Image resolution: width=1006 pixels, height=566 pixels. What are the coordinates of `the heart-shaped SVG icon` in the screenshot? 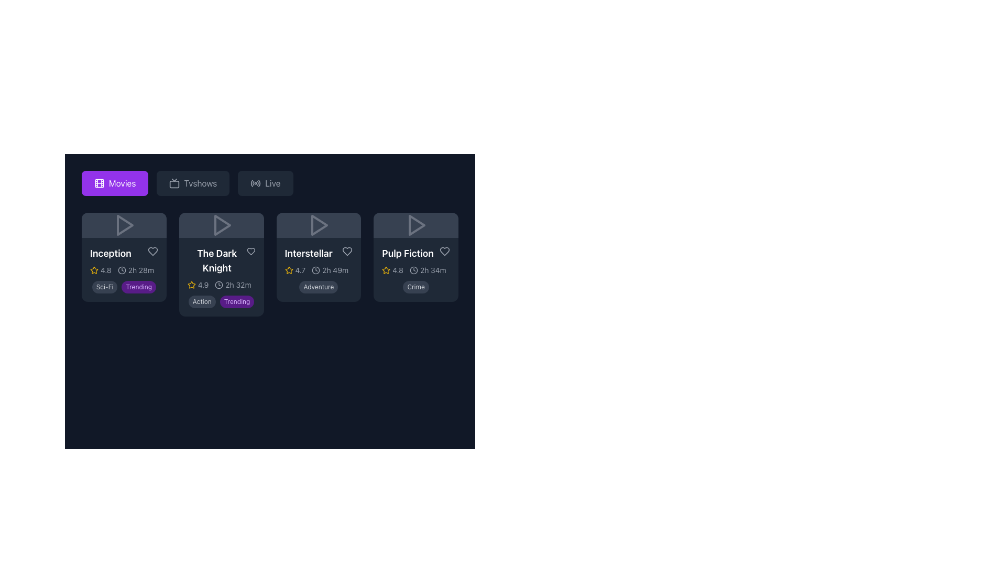 It's located at (250, 251).